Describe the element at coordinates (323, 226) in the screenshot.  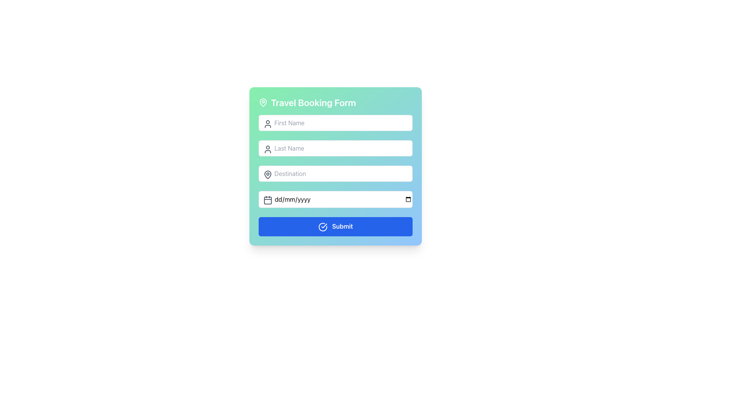
I see `the icon that visually complements the 'Submit' button, located to the left of the text 'Submit' near the bottom of the form interface` at that location.